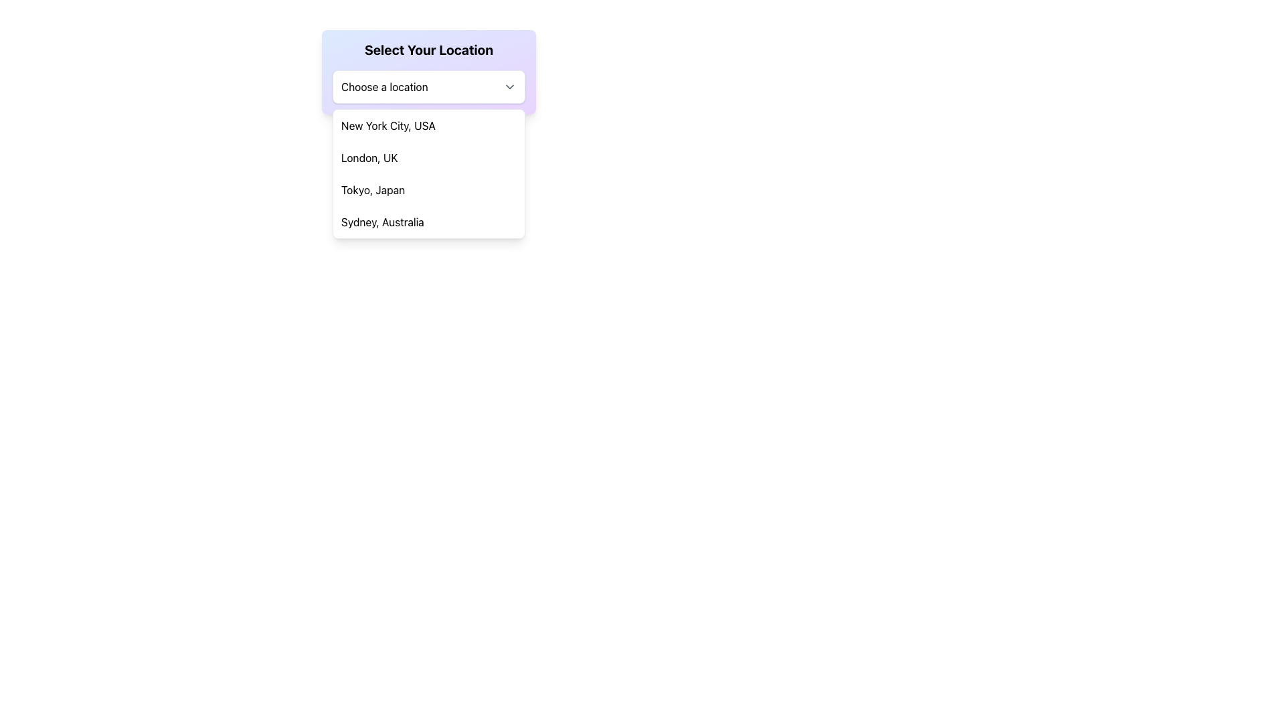 The width and height of the screenshot is (1285, 723). I want to click on to select 'London, UK' from the dropdown menu list item, which is the second entry beneath 'New York City, USA', so click(429, 157).